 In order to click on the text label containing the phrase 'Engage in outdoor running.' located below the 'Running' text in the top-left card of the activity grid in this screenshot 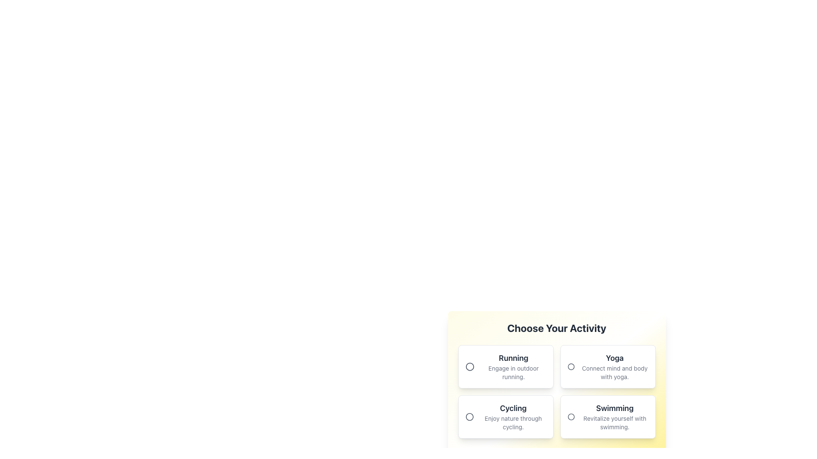, I will do `click(513, 372)`.